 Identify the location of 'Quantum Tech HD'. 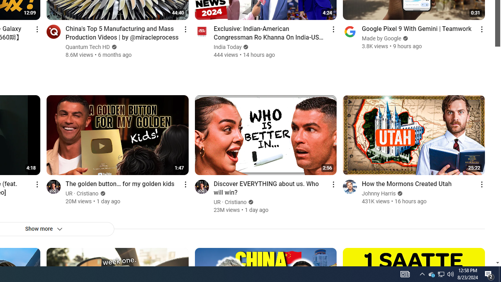
(88, 47).